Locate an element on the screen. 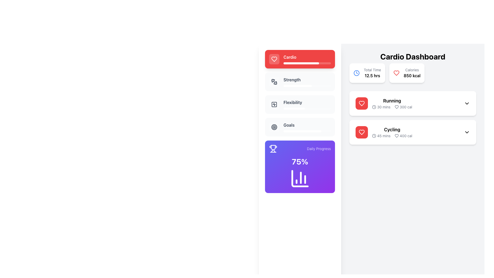  the heart icon located to the left of the 'Running' label in the Cardio Dashboard section is located at coordinates (361, 103).